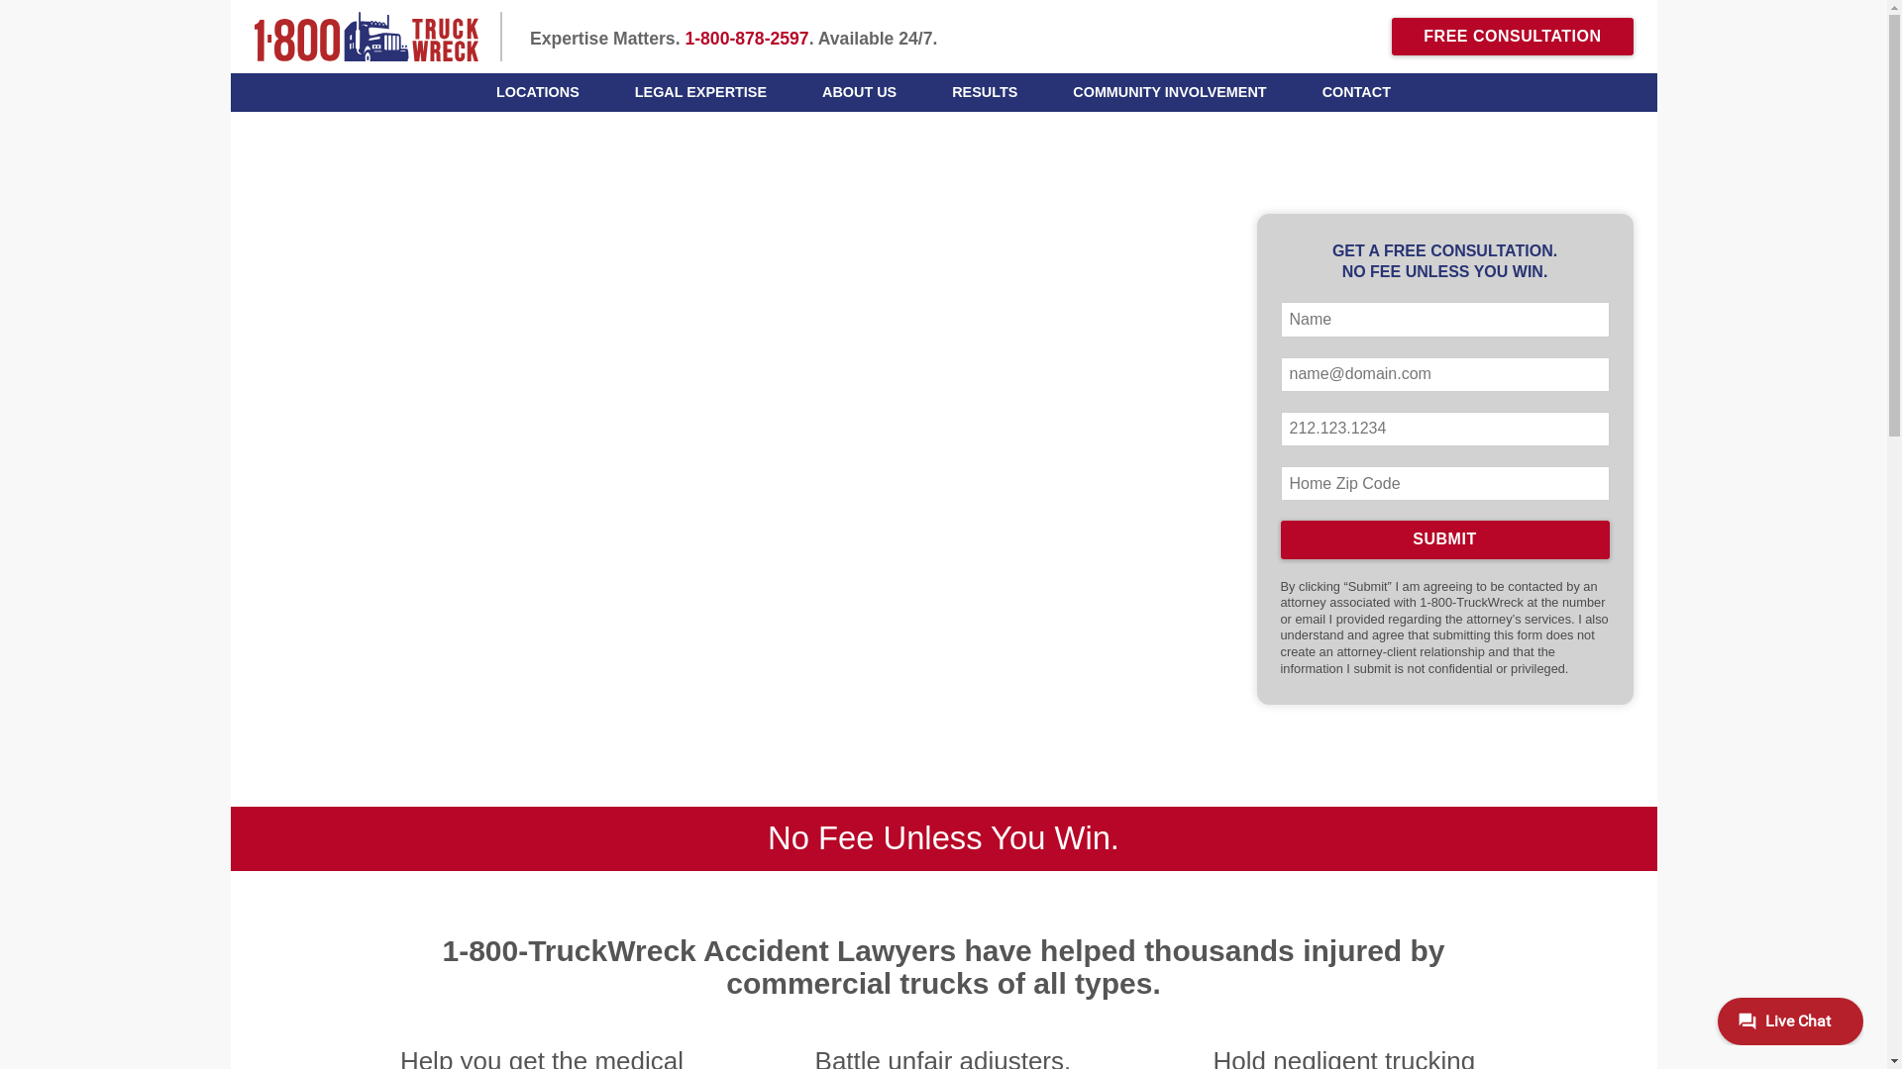 This screenshot has height=1069, width=1902. What do you see at coordinates (537, 91) in the screenshot?
I see `'LOCATIONS'` at bounding box center [537, 91].